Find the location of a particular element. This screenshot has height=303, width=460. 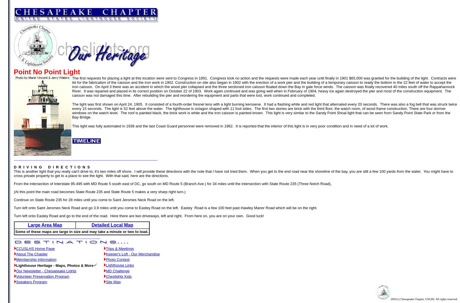

'Site 
            Map' is located at coordinates (113, 282).